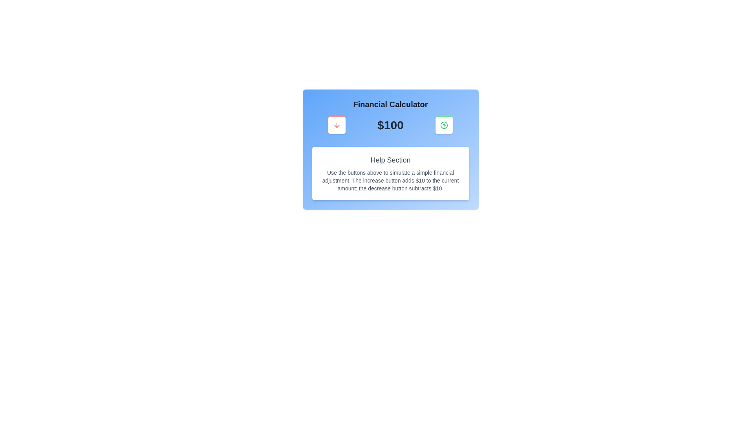 This screenshot has height=424, width=754. I want to click on the decrease button in the financial calculator interface, which is a red-bordered square button positioned on the left side of a horizontal pair of buttons, so click(337, 125).